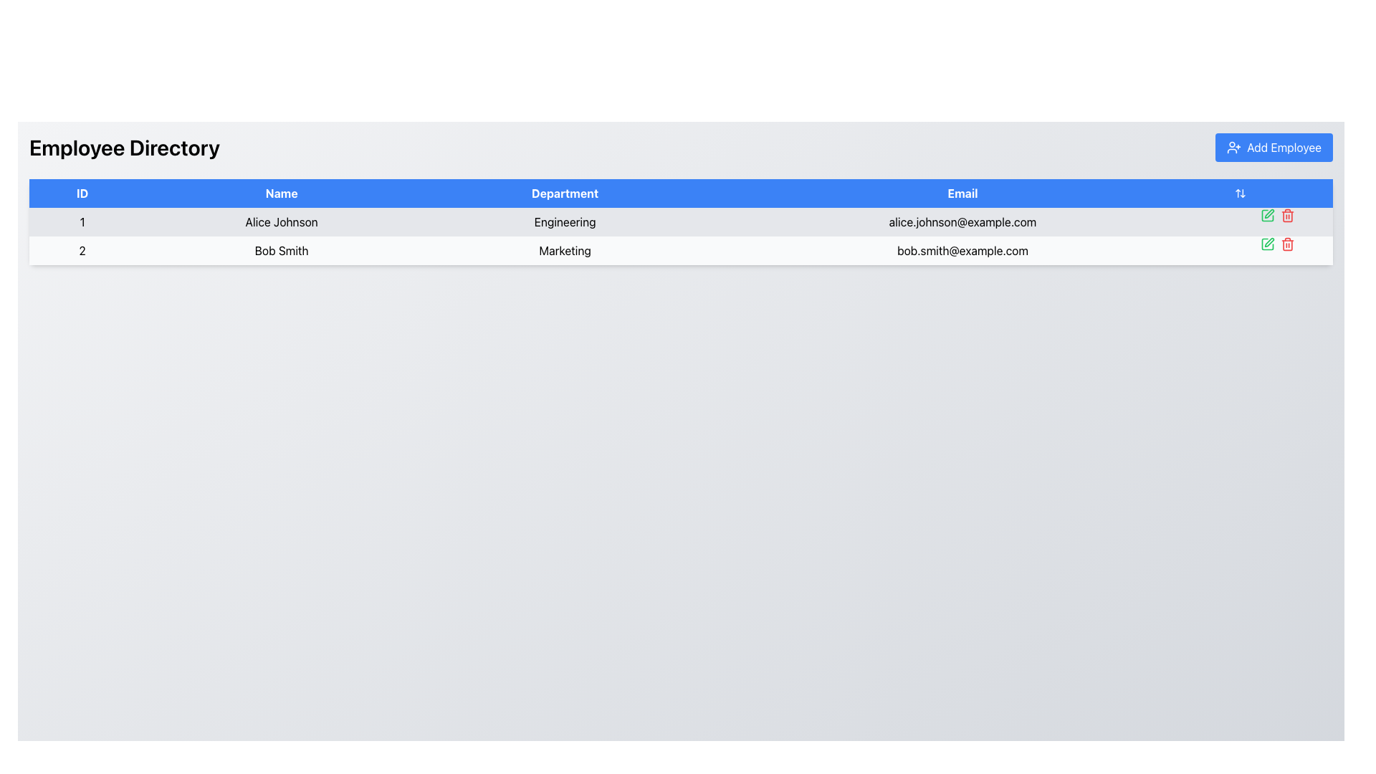 The width and height of the screenshot is (1376, 774). I want to click on the static text label displaying Alice Johnson's email address in the fourth column of the first row of the table, so click(962, 221).